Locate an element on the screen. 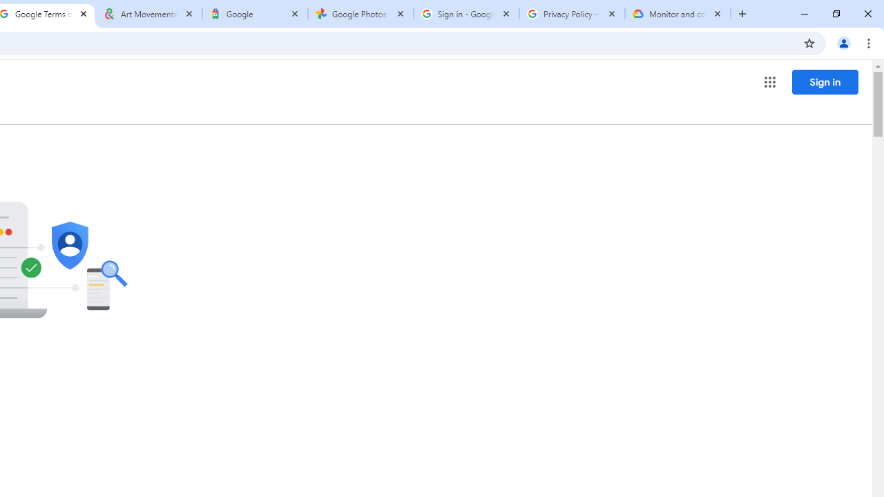 Image resolution: width=884 pixels, height=497 pixels. 'Google' is located at coordinates (255, 14).